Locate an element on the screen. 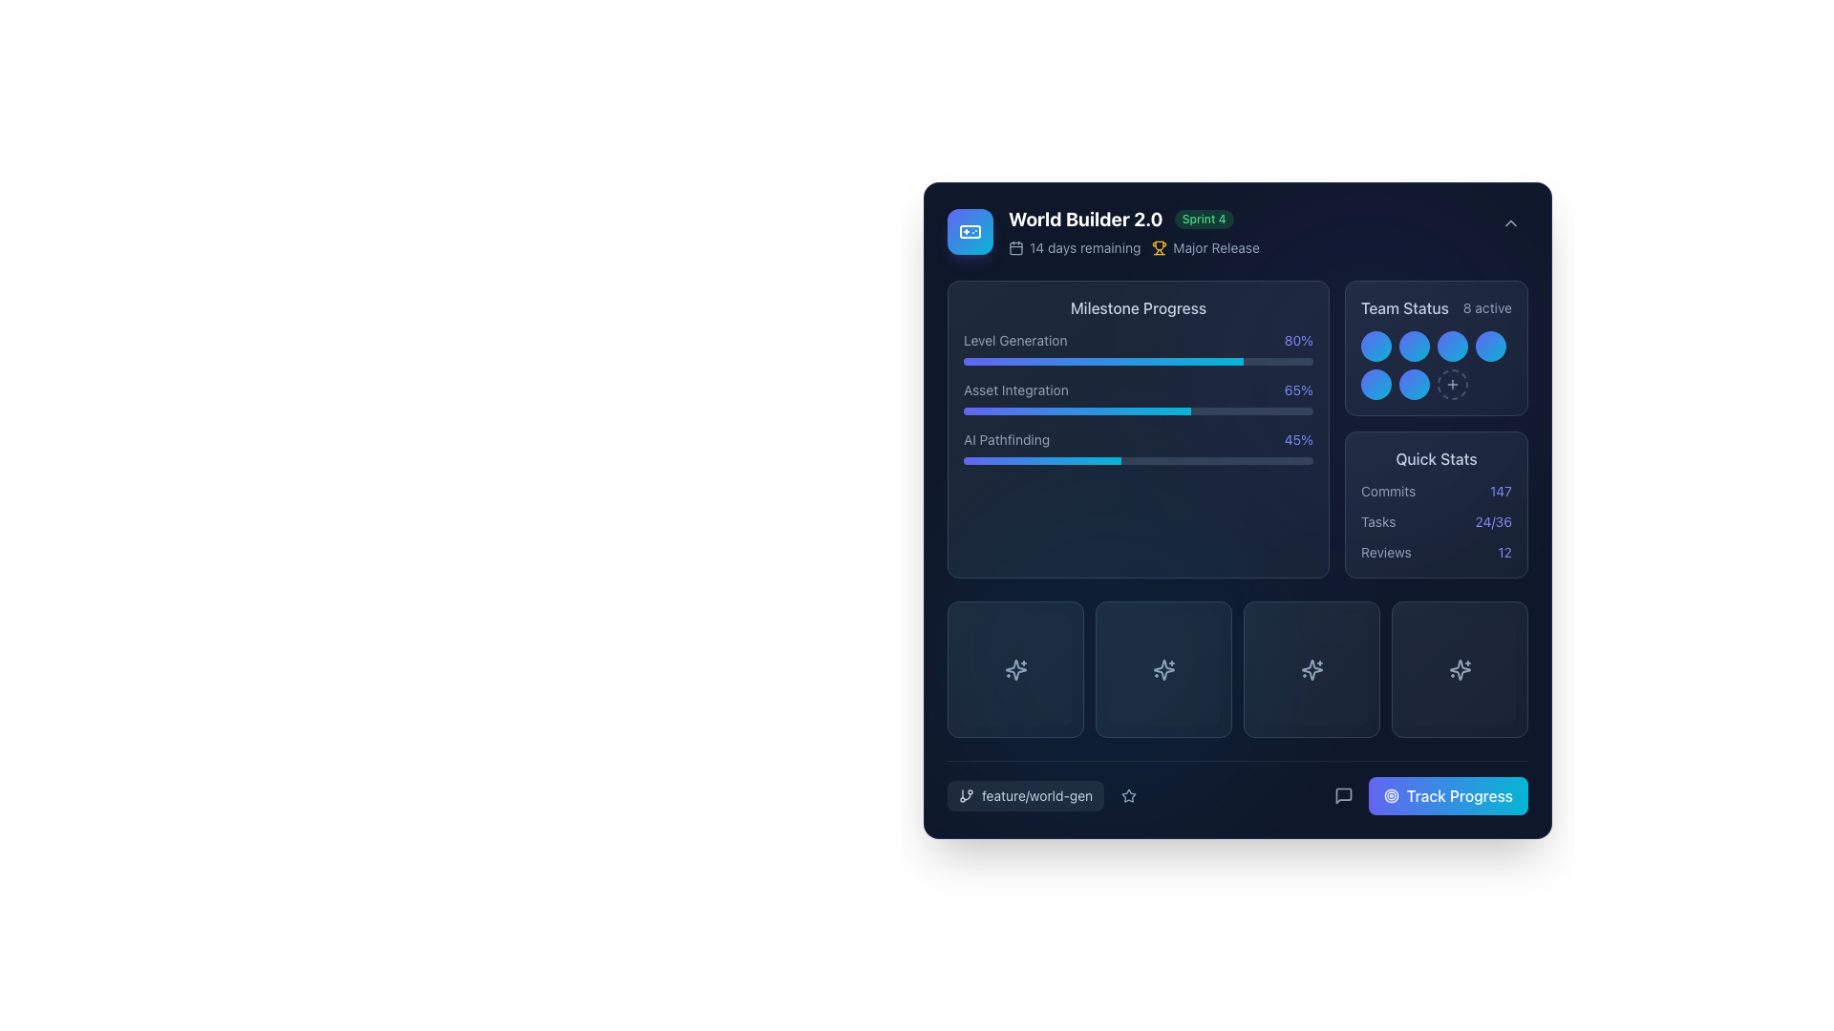 This screenshot has width=1834, height=1031. the star-shaped button located next to the text 'feature/world-gen' is located at coordinates (1129, 795).